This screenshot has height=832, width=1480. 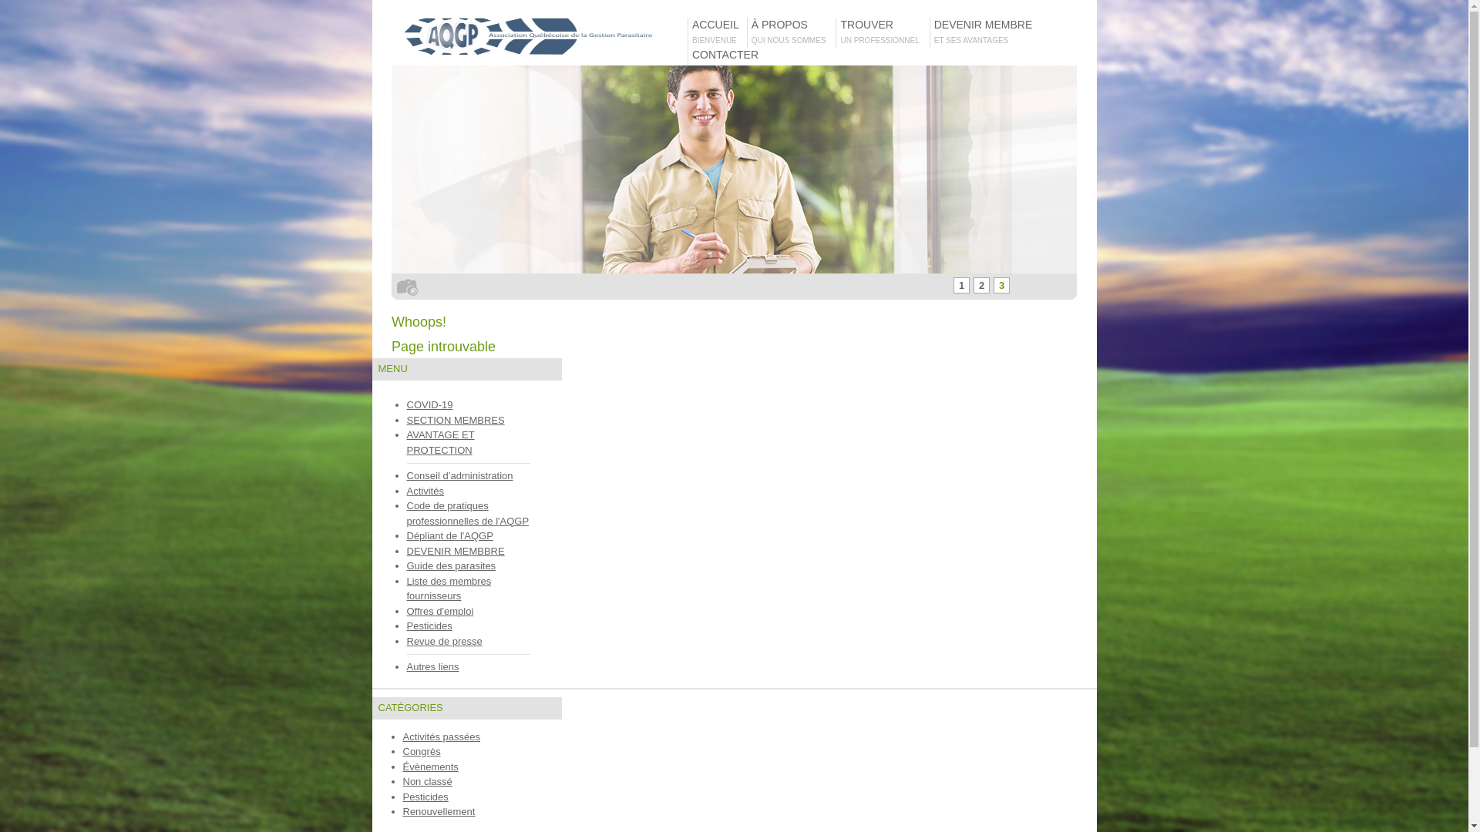 What do you see at coordinates (883, 32) in the screenshot?
I see `'TROUVER` at bounding box center [883, 32].